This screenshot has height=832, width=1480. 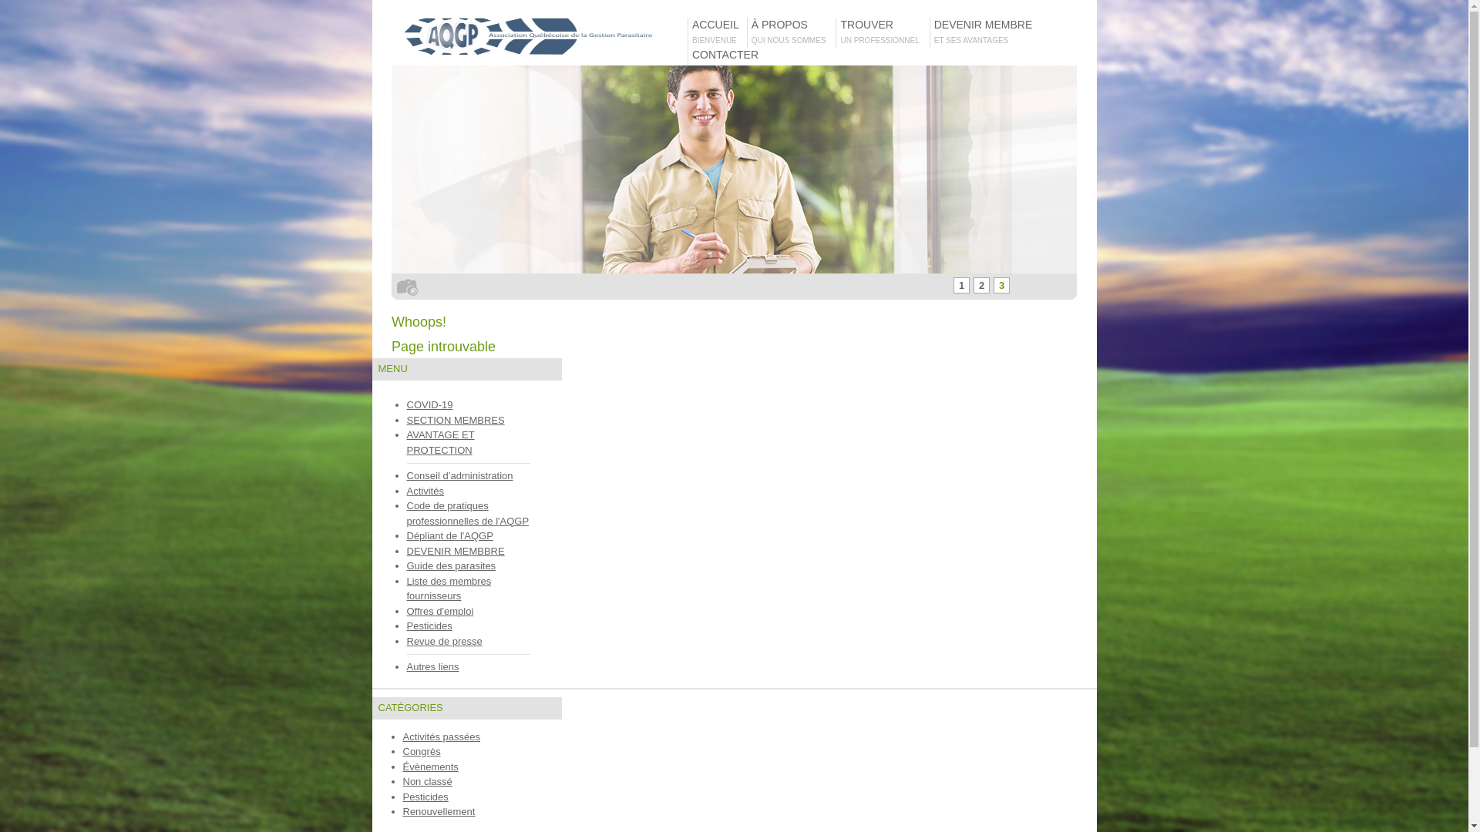 What do you see at coordinates (883, 32) in the screenshot?
I see `'TROUVER` at bounding box center [883, 32].